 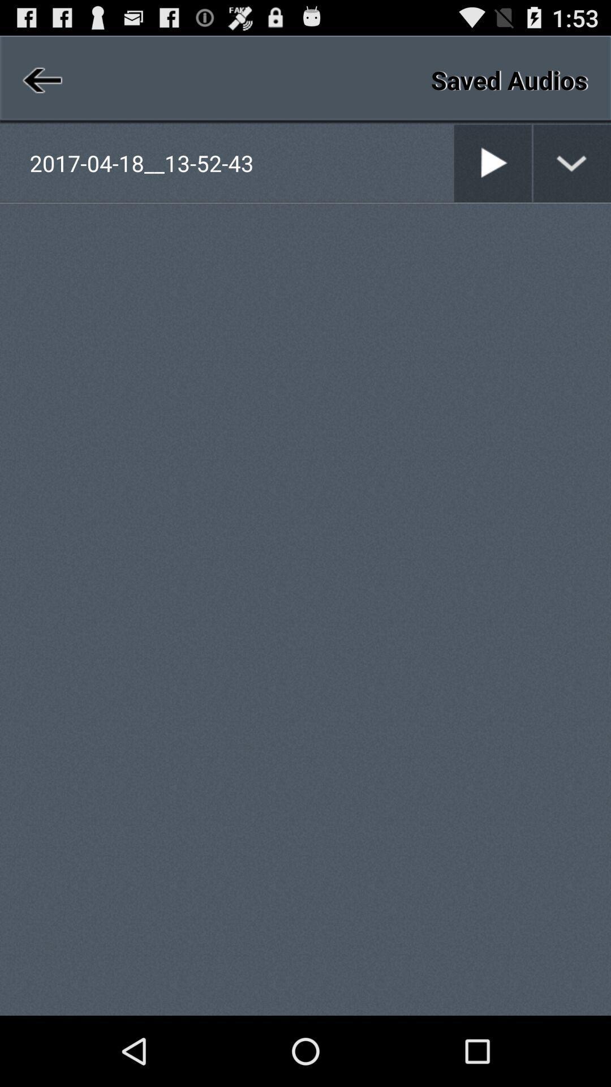 I want to click on the arrow_backward icon, so click(x=40, y=85).